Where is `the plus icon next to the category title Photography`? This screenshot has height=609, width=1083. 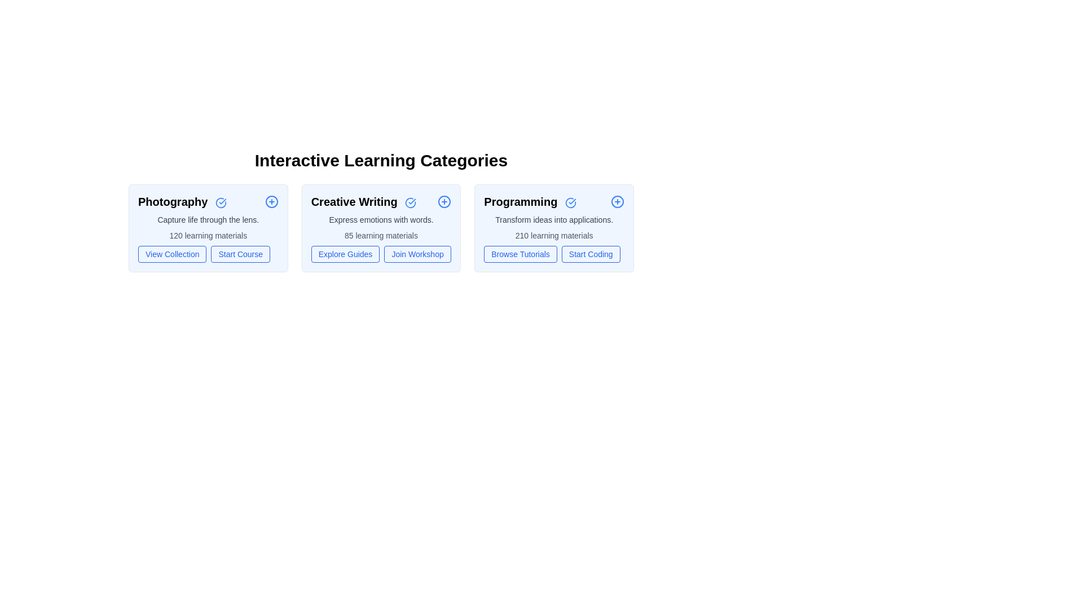 the plus icon next to the category title Photography is located at coordinates (271, 201).